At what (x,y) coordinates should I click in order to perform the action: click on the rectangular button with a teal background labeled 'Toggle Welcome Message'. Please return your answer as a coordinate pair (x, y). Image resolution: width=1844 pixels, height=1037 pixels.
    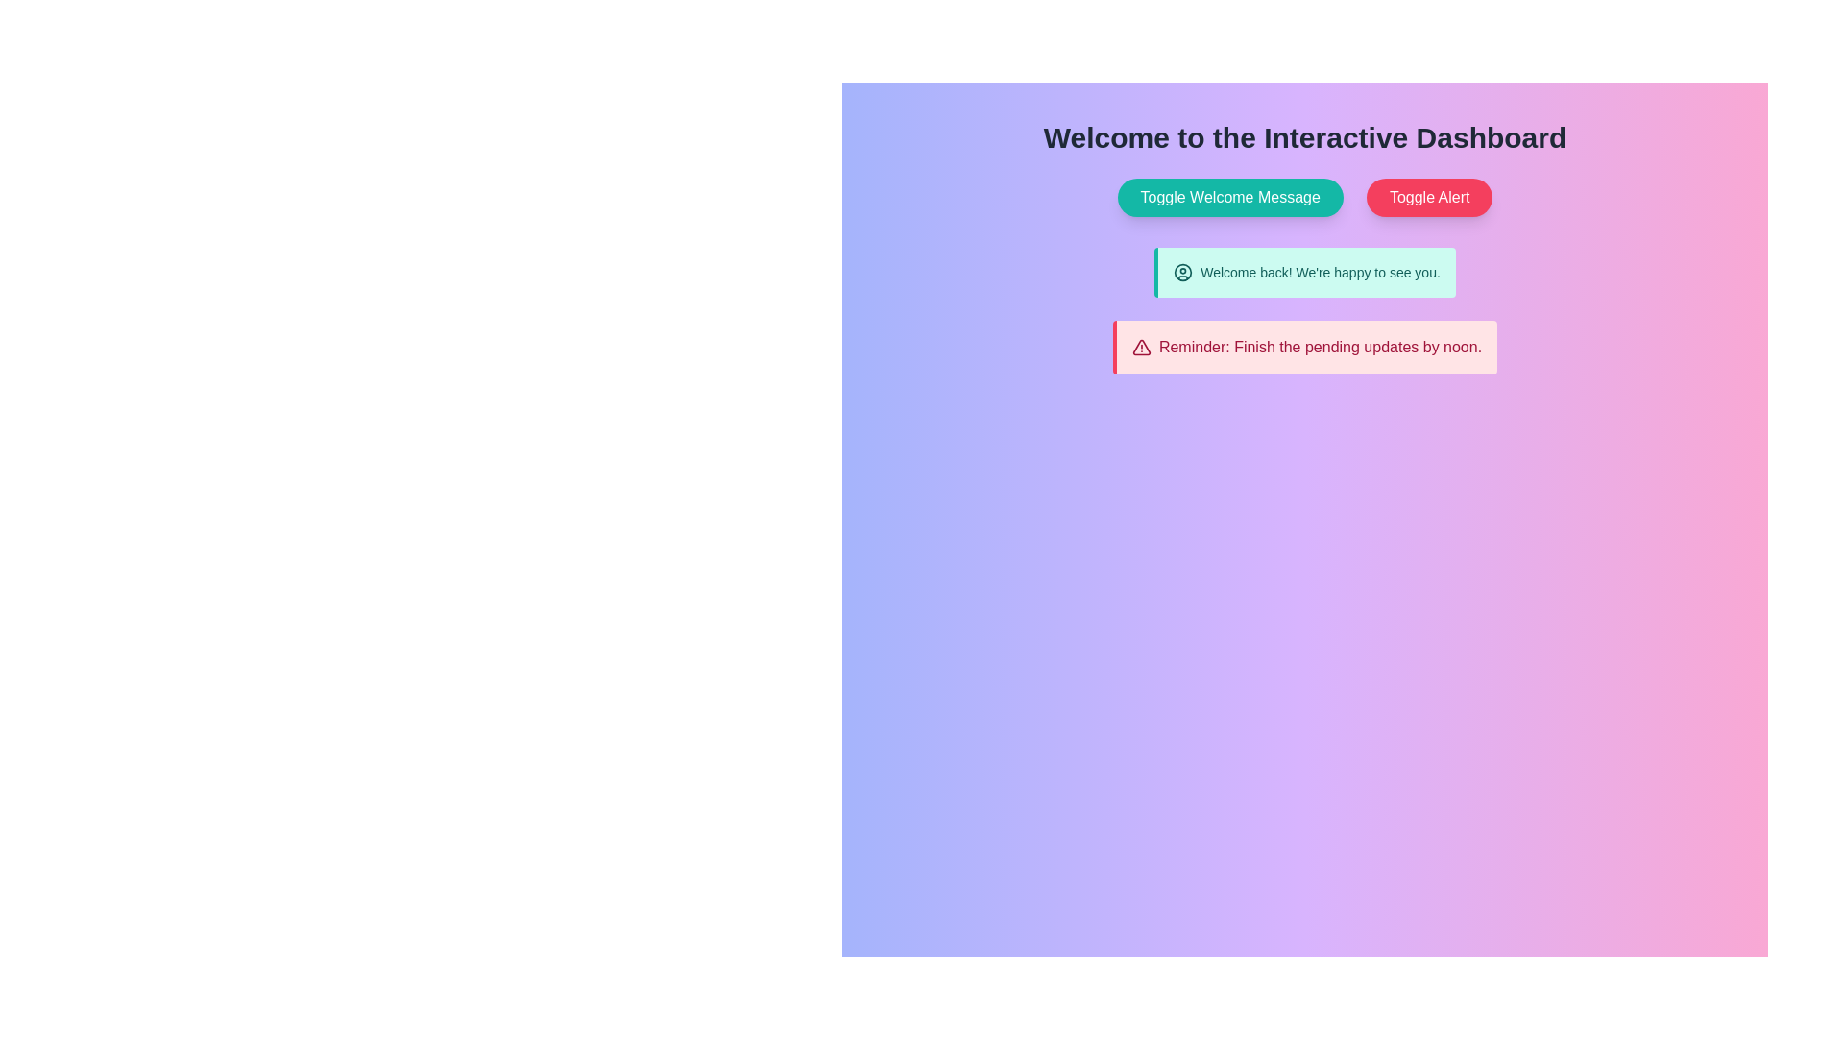
    Looking at the image, I should click on (1230, 197).